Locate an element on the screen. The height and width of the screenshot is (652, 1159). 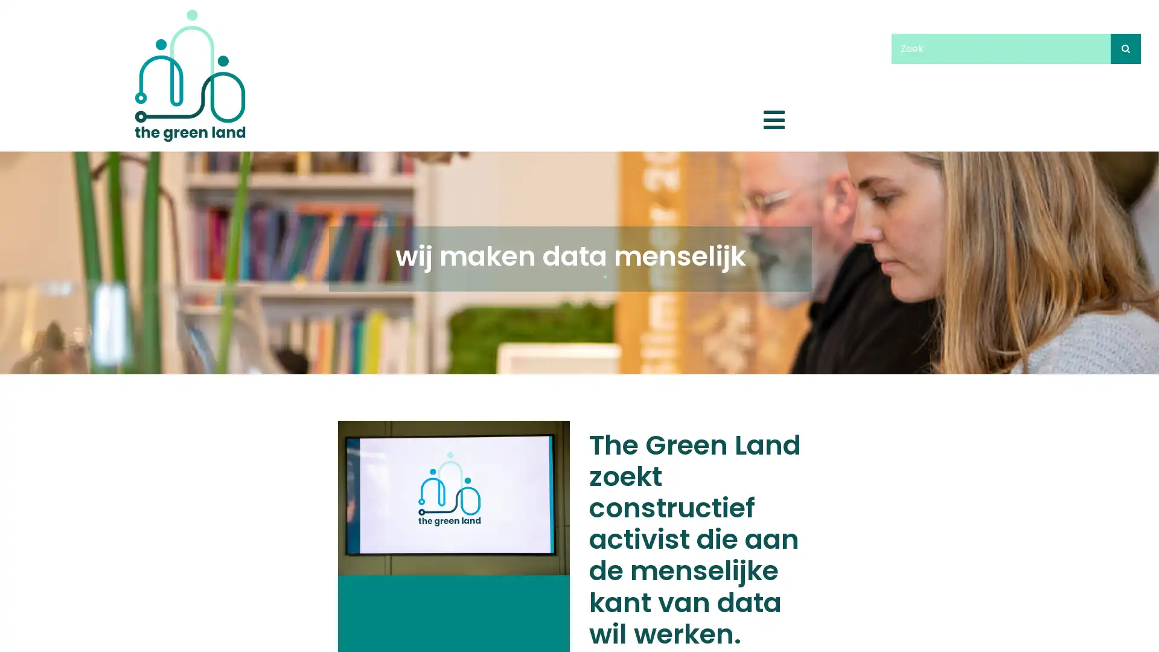
Zoeken is located at coordinates (1125, 48).